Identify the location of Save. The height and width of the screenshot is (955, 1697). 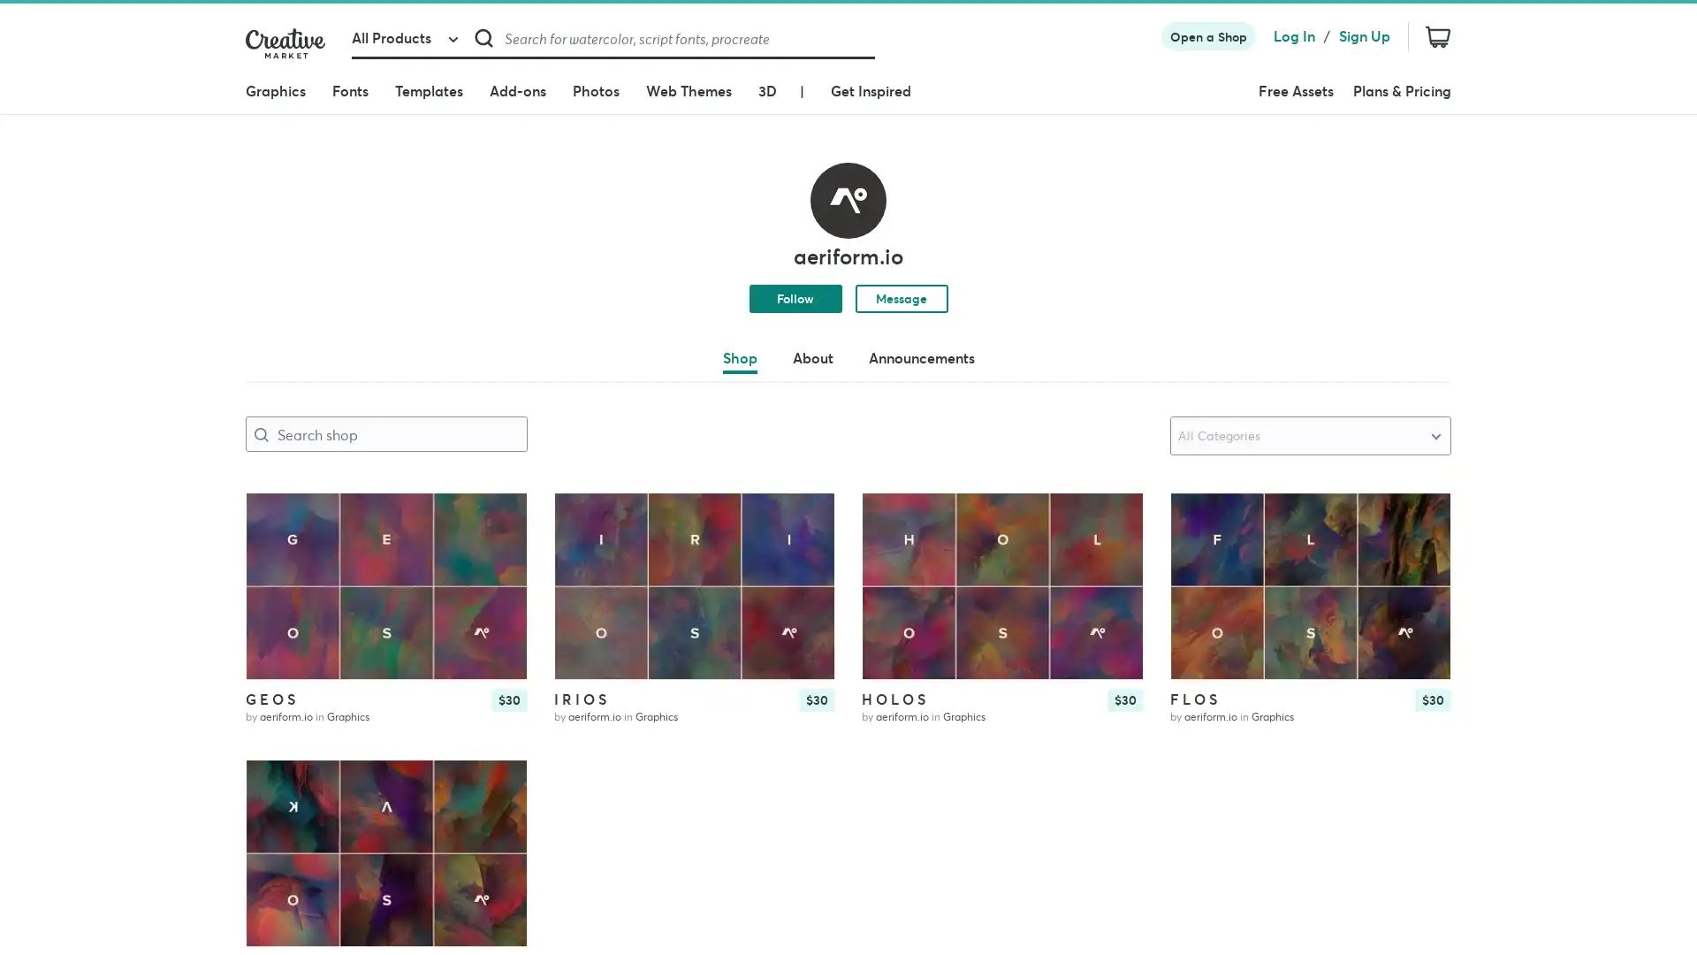
(497, 546).